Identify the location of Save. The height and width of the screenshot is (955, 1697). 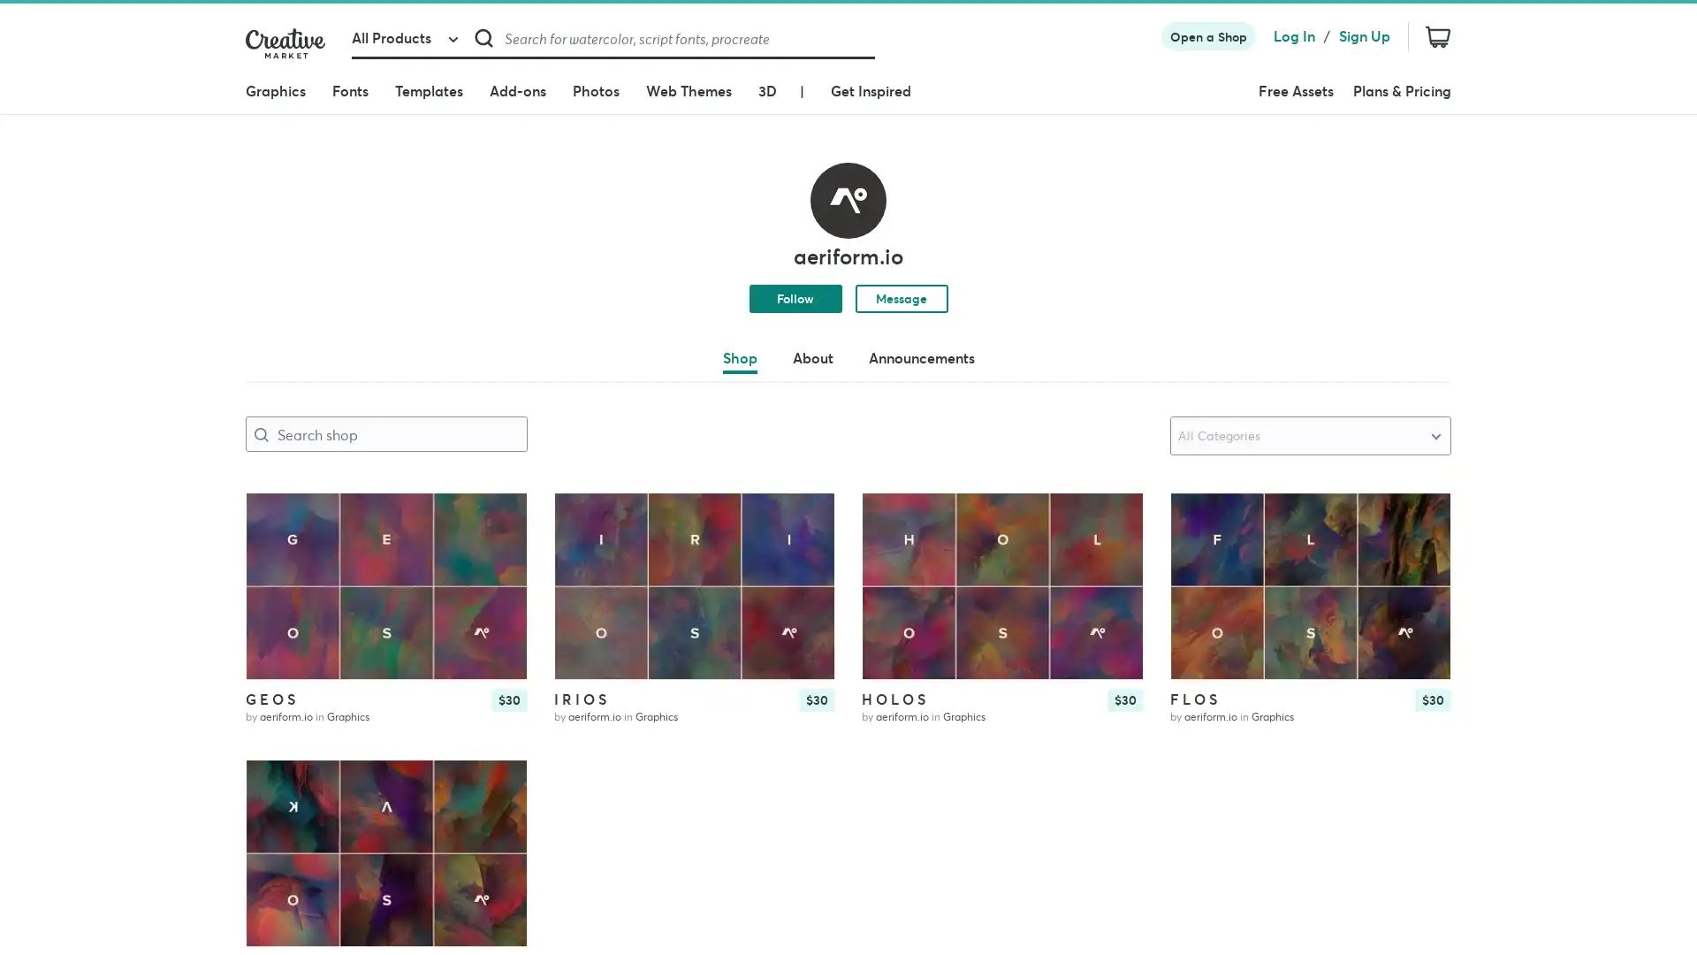
(497, 546).